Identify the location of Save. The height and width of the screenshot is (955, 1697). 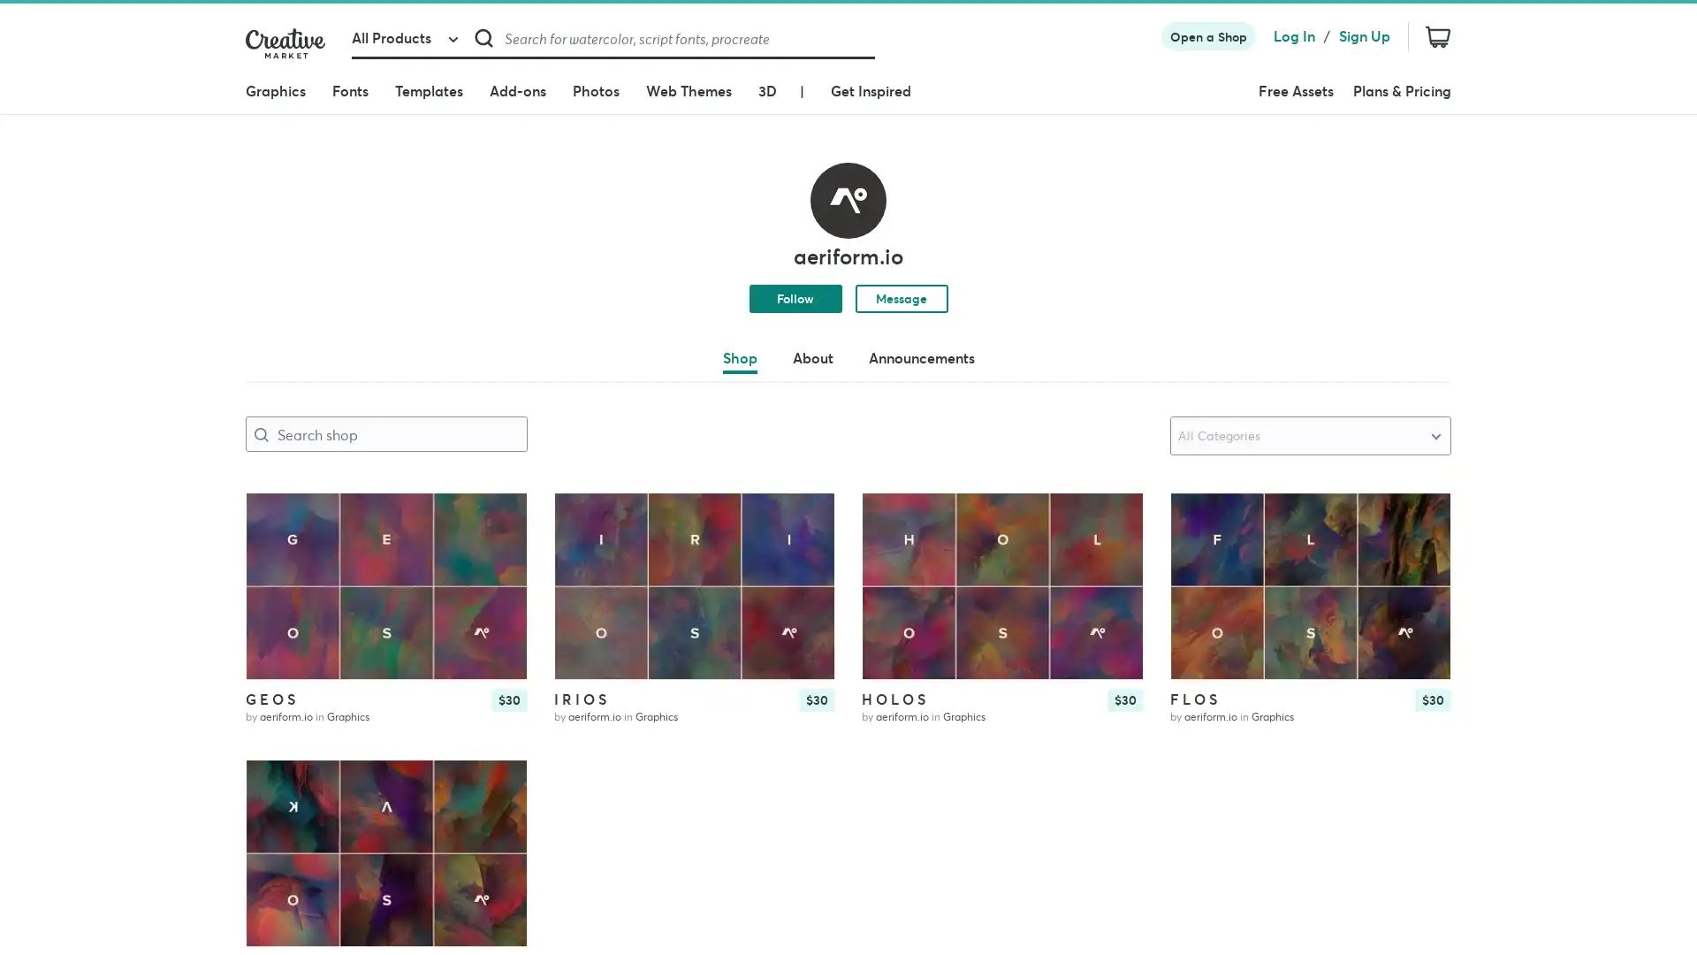
(497, 546).